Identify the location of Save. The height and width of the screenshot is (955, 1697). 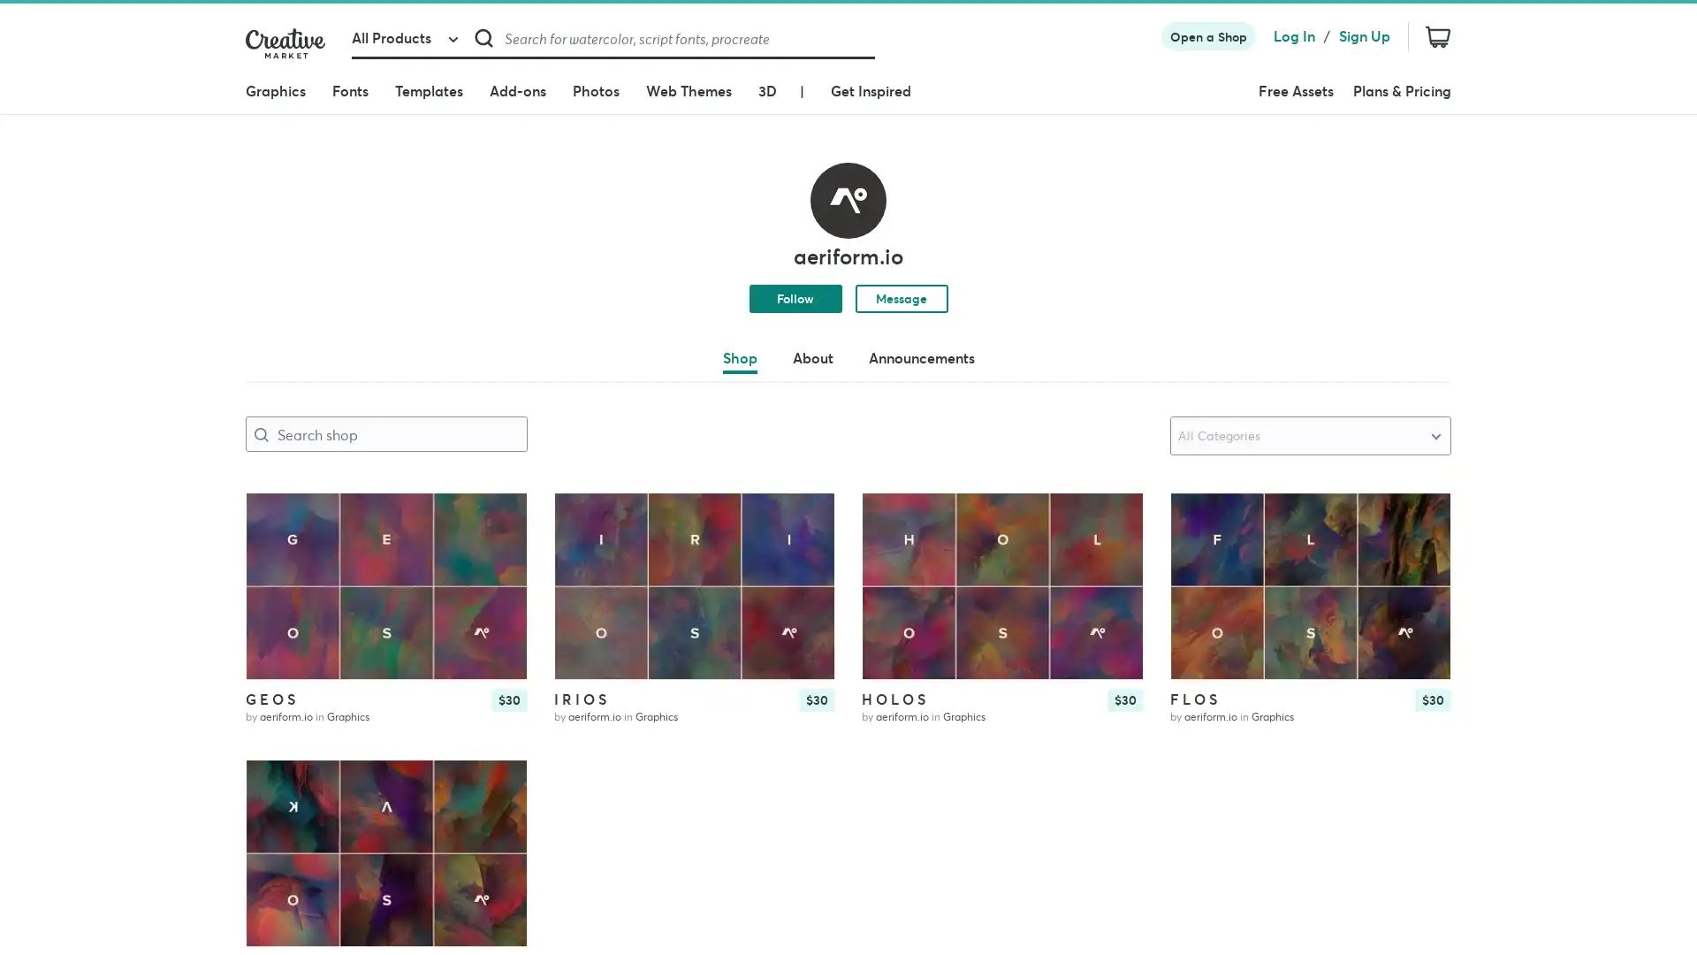
(497, 546).